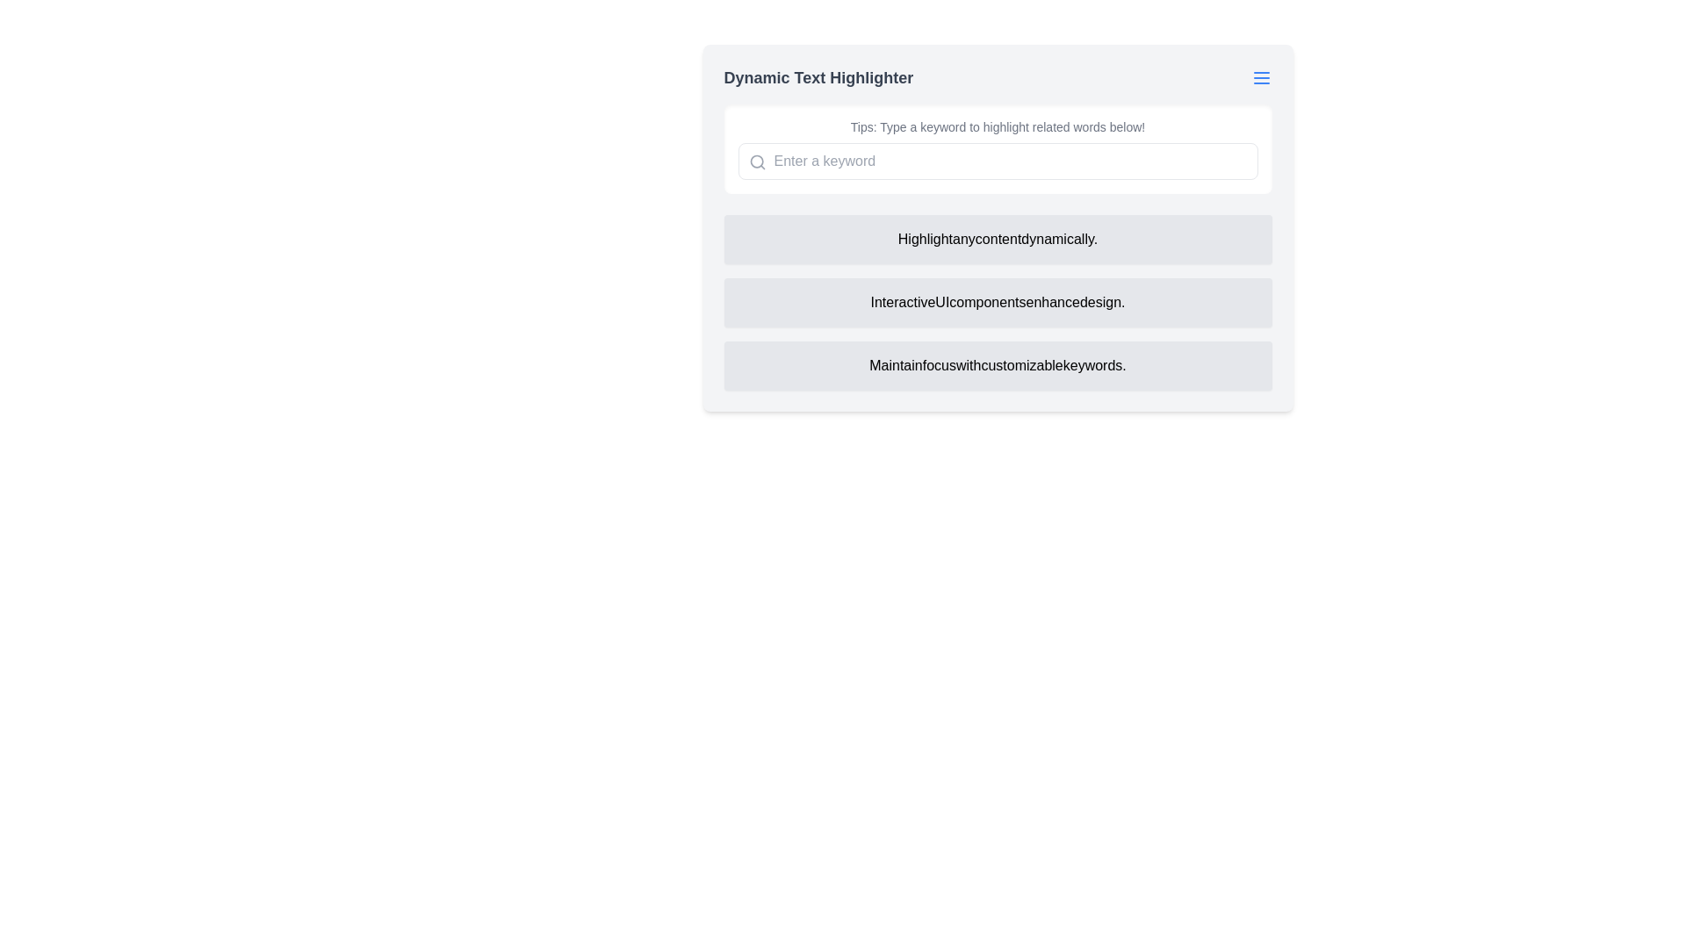  I want to click on the second gray text block that provides informative content, positioned between two other similar boxes, so click(998, 301).